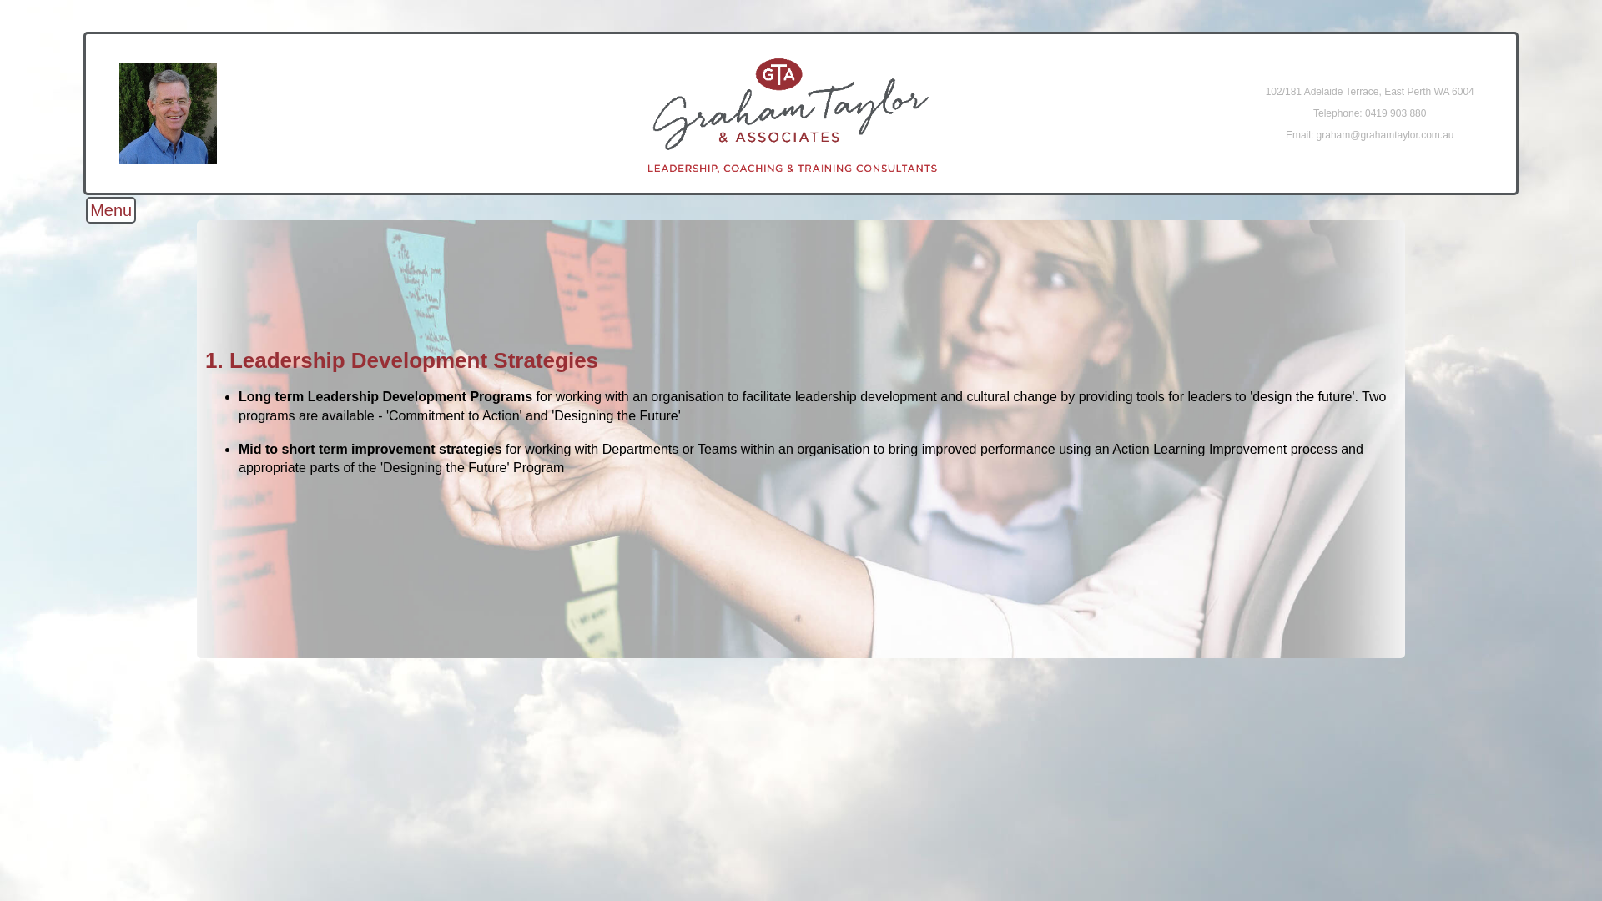 This screenshot has width=1602, height=901. What do you see at coordinates (110, 209) in the screenshot?
I see `'Menu'` at bounding box center [110, 209].